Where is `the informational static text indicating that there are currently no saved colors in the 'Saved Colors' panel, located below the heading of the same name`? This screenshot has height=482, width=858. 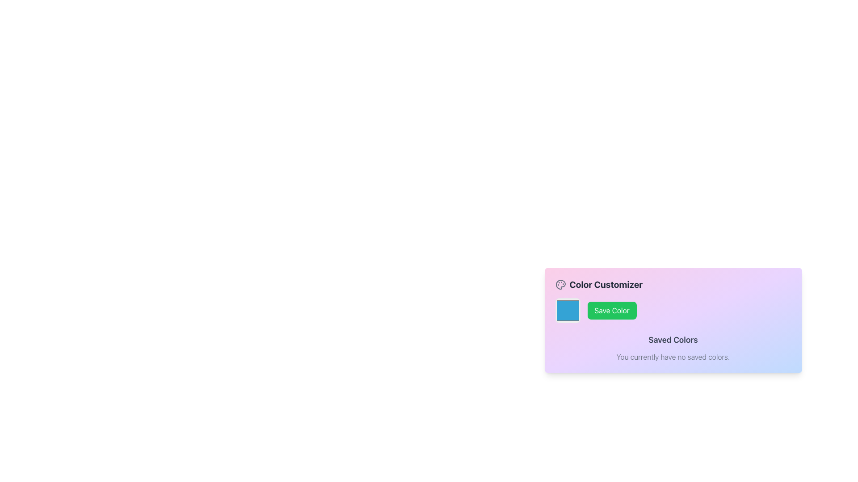 the informational static text indicating that there are currently no saved colors in the 'Saved Colors' panel, located below the heading of the same name is located at coordinates (673, 356).